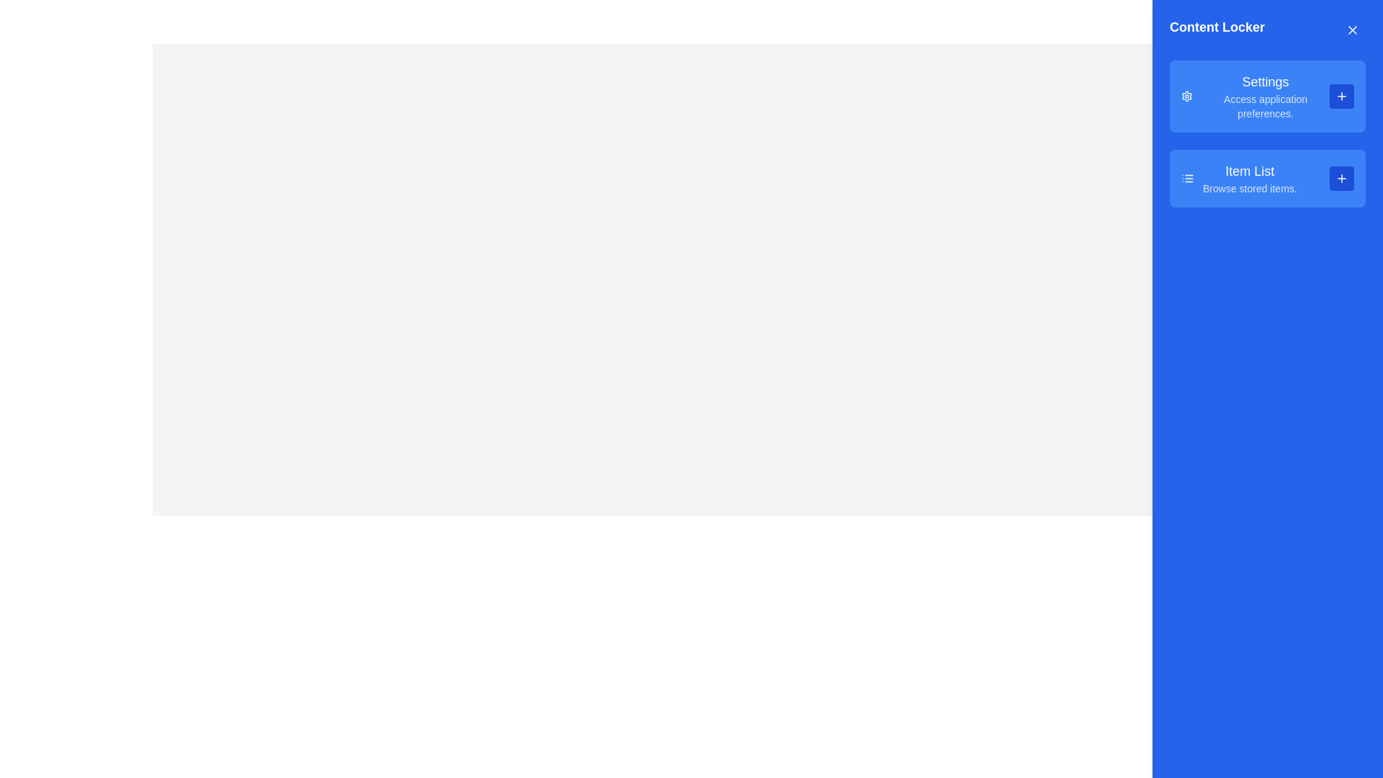  Describe the element at coordinates (1264, 97) in the screenshot. I see `on the 'Settings' button located in the upper section of the right-side navigation panel, which features a cogwheel icon and contains the title 'Settings' and subtitle 'Access application preferences.'` at that location.